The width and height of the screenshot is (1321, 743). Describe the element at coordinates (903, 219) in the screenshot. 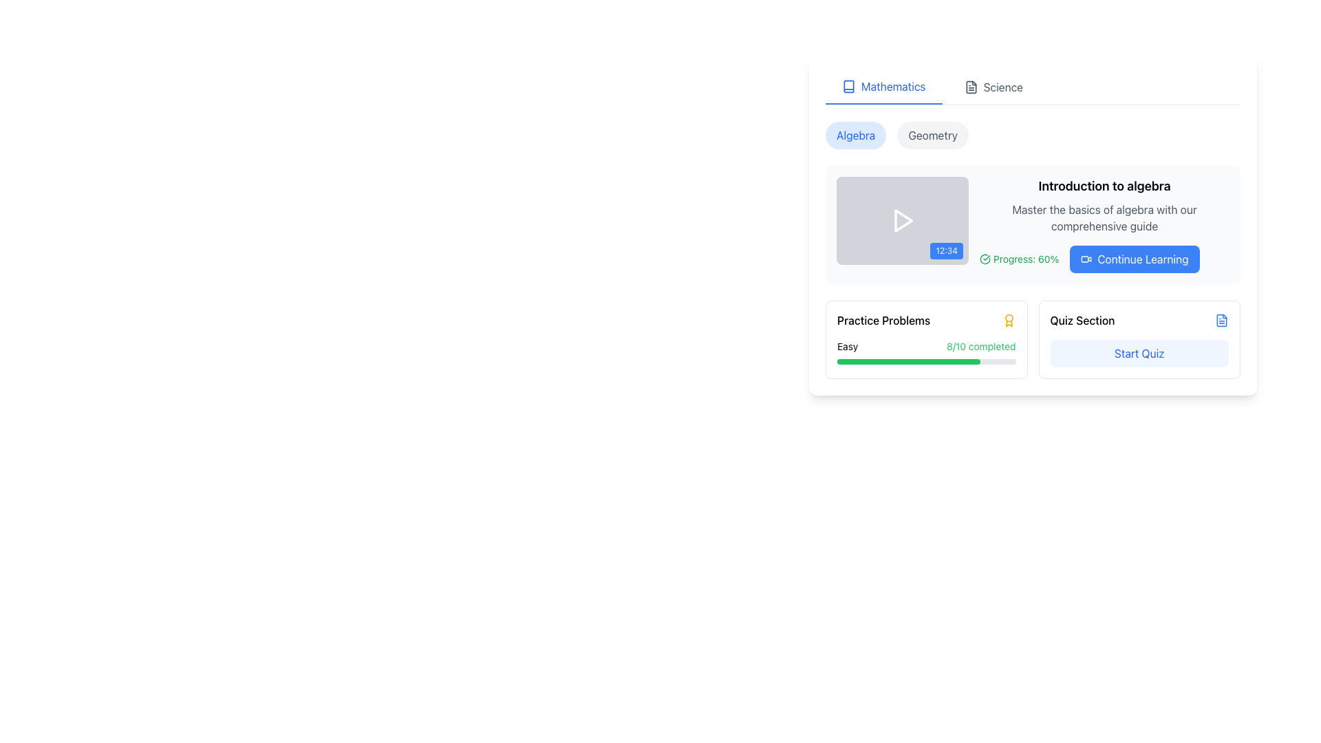

I see `the play button styled as an SVG graphic located centrally within the gray rectangle of the video thumbnail for the 'Introduction to algebra' module` at that location.